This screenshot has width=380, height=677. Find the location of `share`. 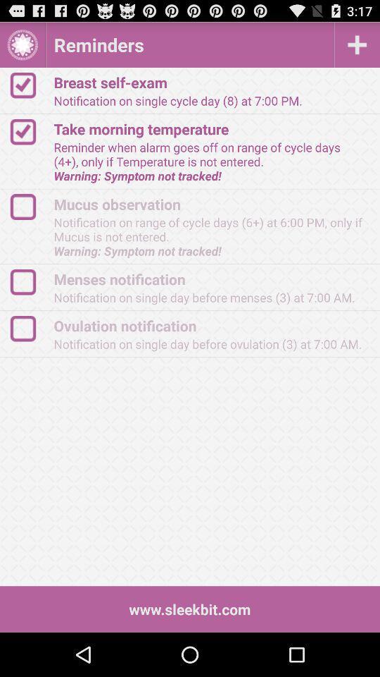

share is located at coordinates (30, 132).